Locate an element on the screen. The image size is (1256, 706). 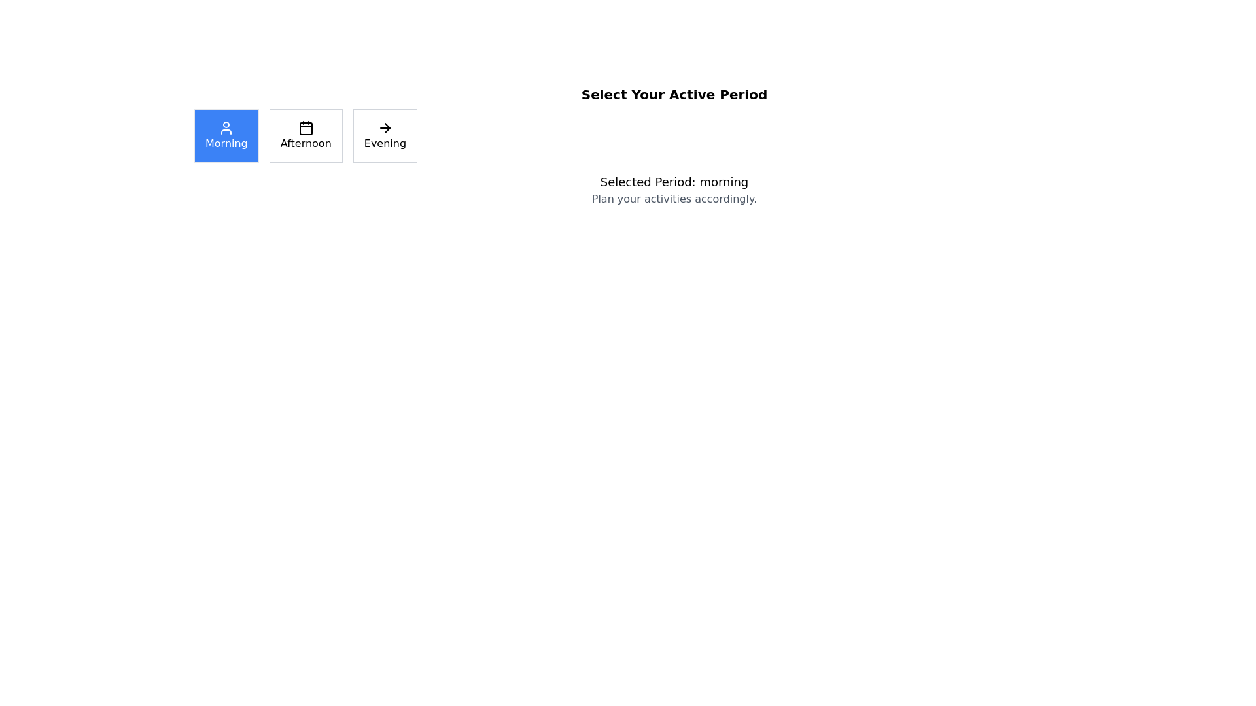
the calendar icon, which is centrally placed within the 'Afternoon' selection button is located at coordinates (305, 128).